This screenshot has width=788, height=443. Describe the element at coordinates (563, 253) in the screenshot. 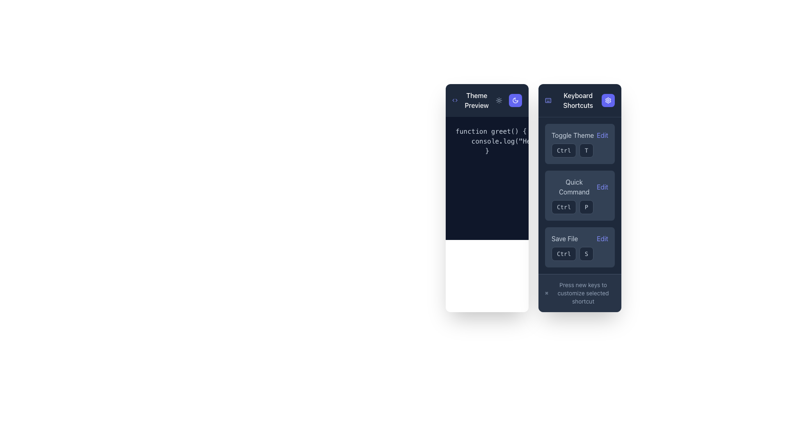

I see `the small rectangular button labeled 'Ctrl' with a dark slate blue background located in the 'Keyboard Shortcuts' section under 'Save File'` at that location.